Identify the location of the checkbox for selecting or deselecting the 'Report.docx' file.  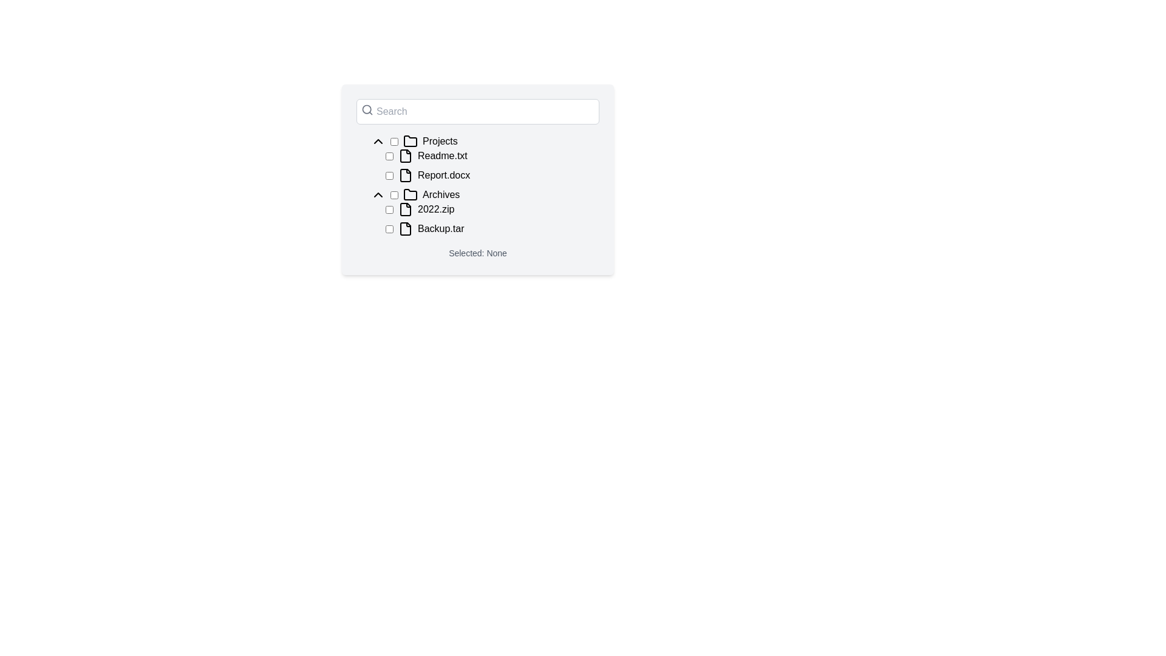
(389, 176).